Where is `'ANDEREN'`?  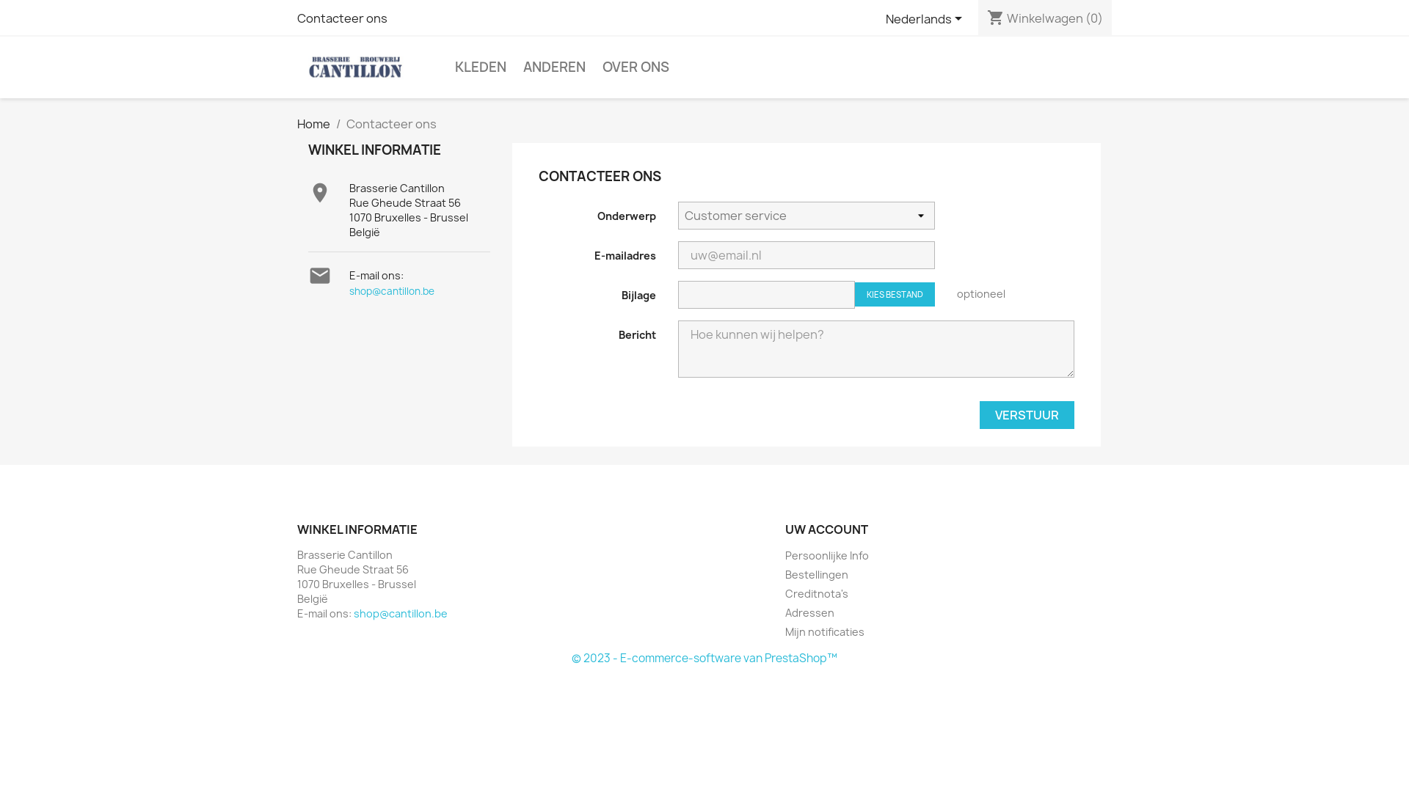 'ANDEREN' is located at coordinates (553, 67).